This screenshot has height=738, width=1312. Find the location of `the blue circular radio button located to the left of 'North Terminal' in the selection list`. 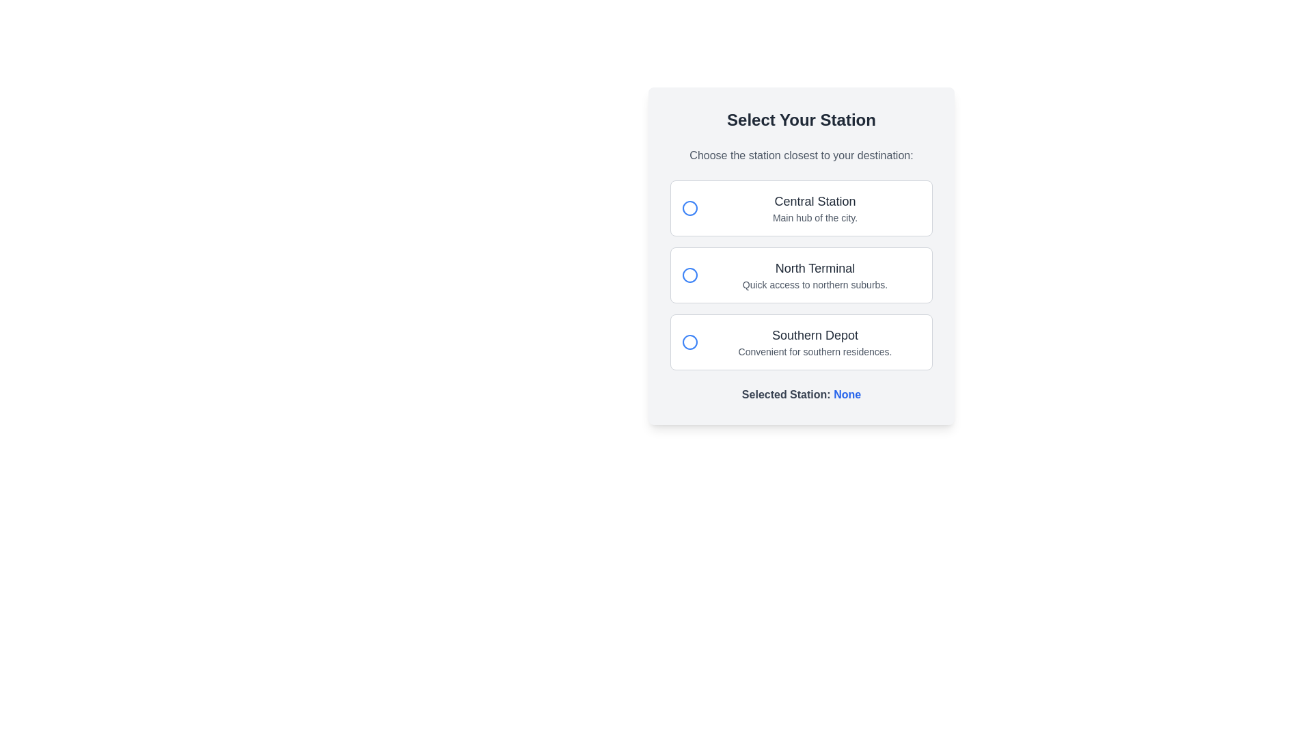

the blue circular radio button located to the left of 'North Terminal' in the selection list is located at coordinates (689, 275).